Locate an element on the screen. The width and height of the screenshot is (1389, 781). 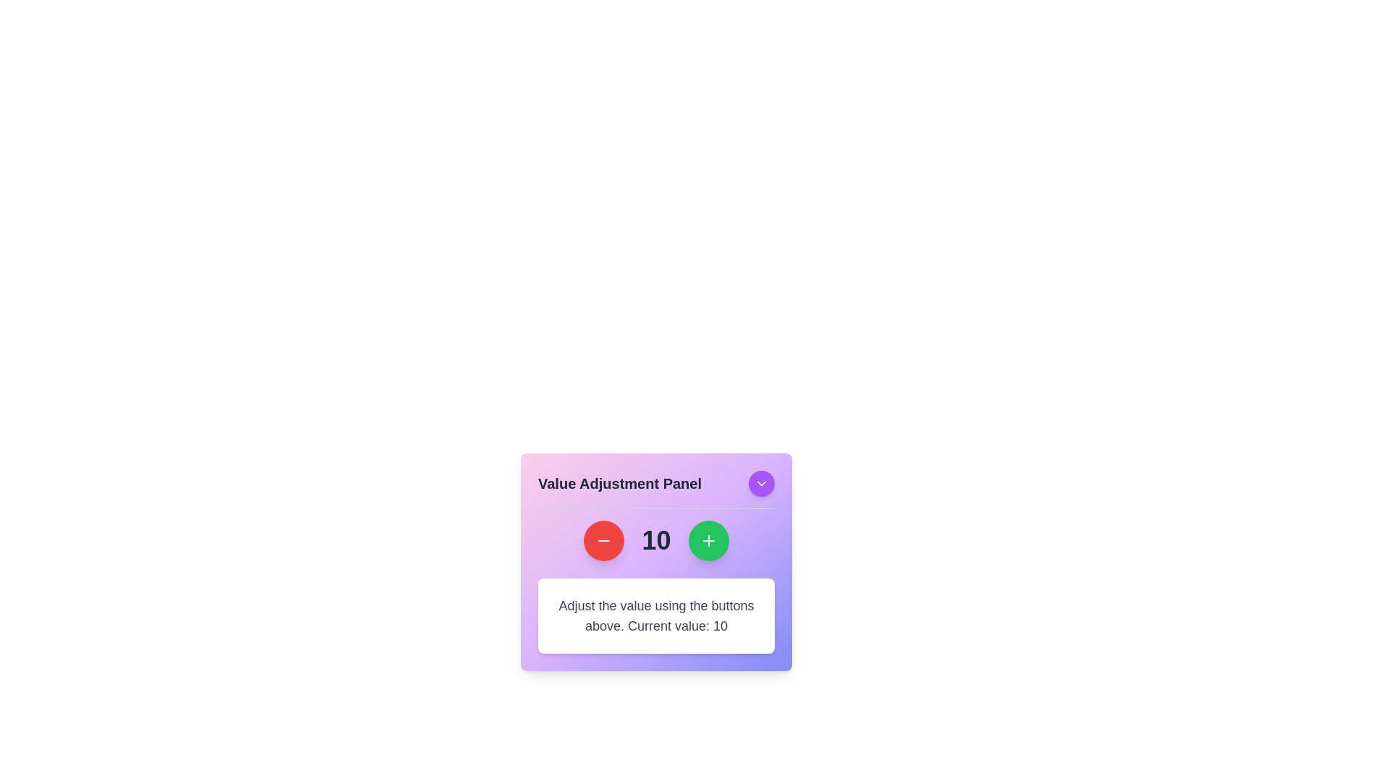
the decrement button located on the left side of the value adjustment interface to decrease the displayed numeric value is located at coordinates (604, 541).